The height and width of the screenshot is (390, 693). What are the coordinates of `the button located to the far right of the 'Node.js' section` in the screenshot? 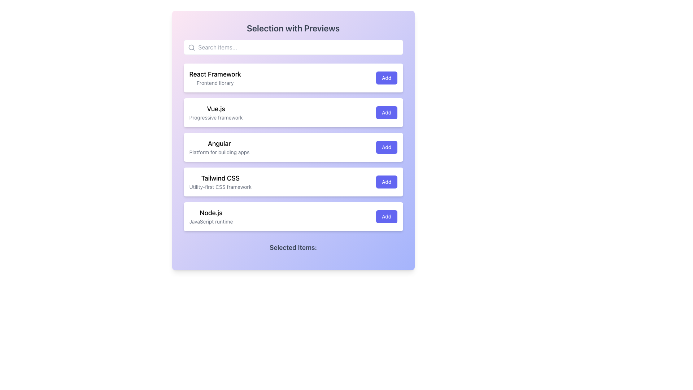 It's located at (386, 216).